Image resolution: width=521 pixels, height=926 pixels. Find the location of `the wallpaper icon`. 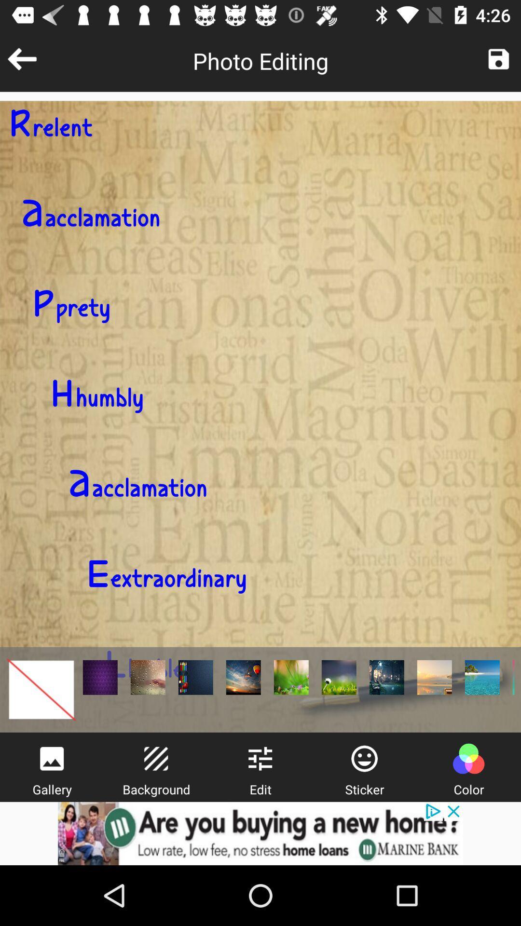

the wallpaper icon is located at coordinates (52, 758).